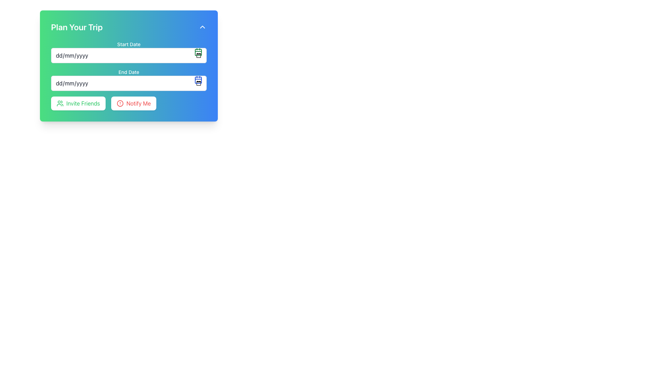  What do you see at coordinates (202, 26) in the screenshot?
I see `the downward-pointing chevron icon button located within a blue circular button at the top-right corner of the 'Plan Your Trip' card` at bounding box center [202, 26].